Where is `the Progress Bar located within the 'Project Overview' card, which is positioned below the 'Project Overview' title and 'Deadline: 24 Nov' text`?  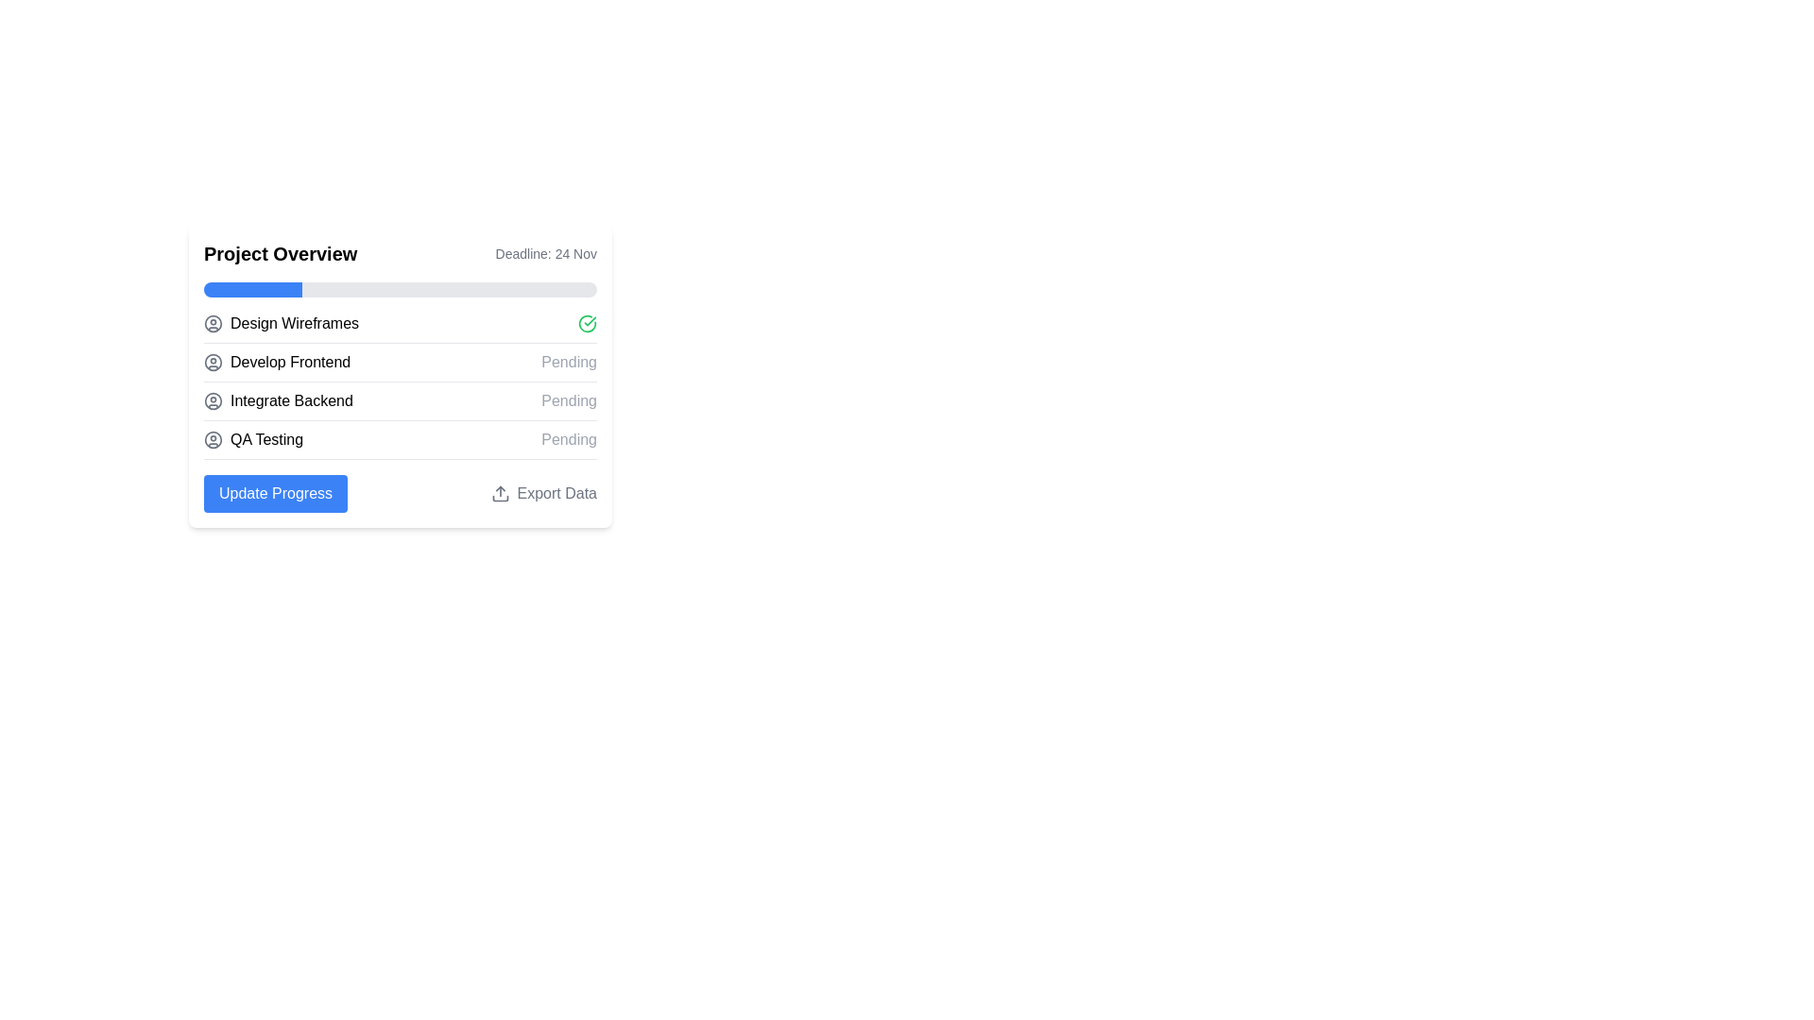
the Progress Bar located within the 'Project Overview' card, which is positioned below the 'Project Overview' title and 'Deadline: 24 Nov' text is located at coordinates (399, 290).